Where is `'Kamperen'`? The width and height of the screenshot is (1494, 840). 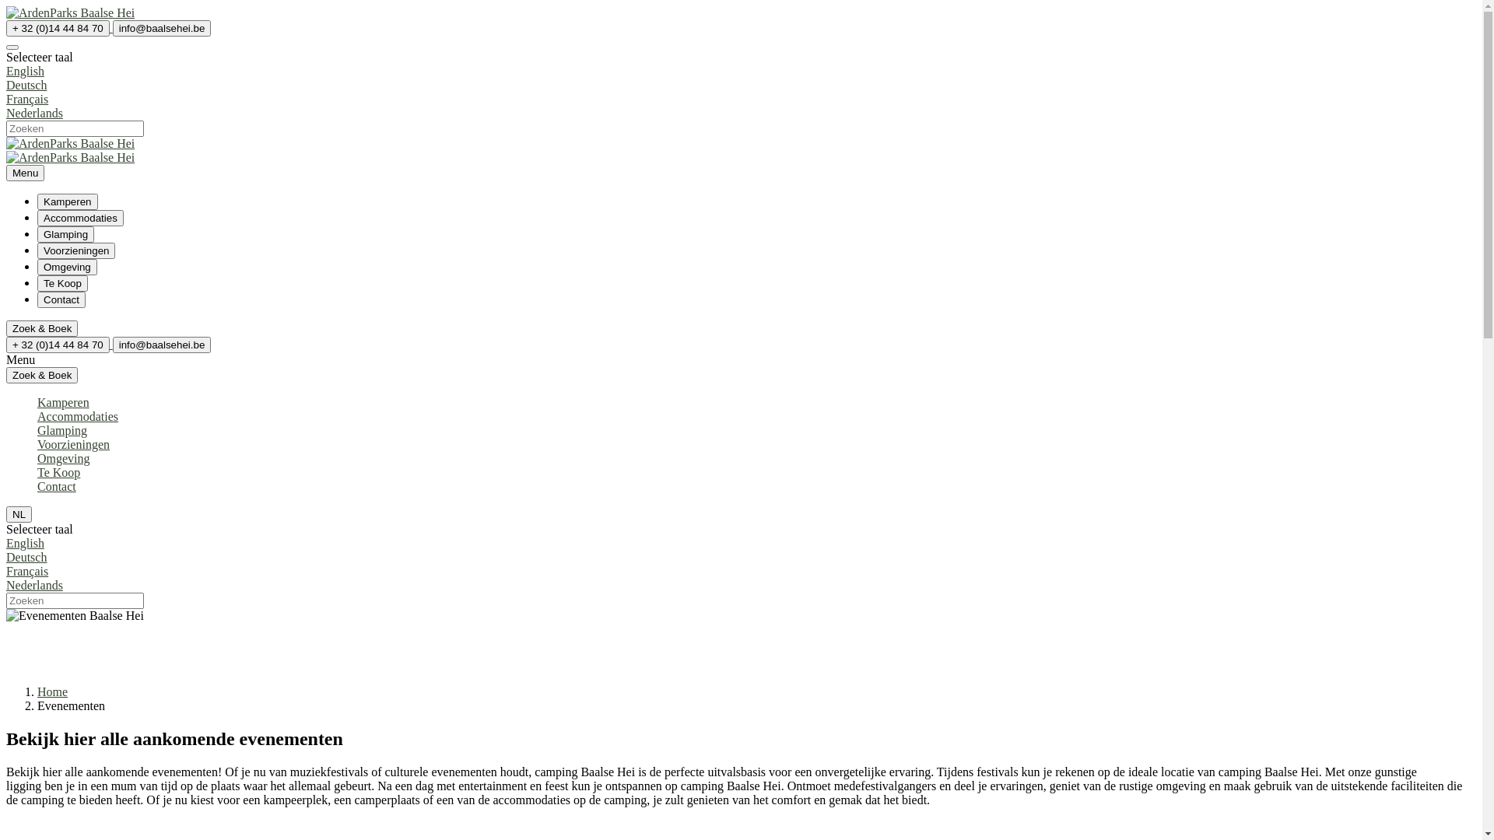 'Kamperen' is located at coordinates (66, 201).